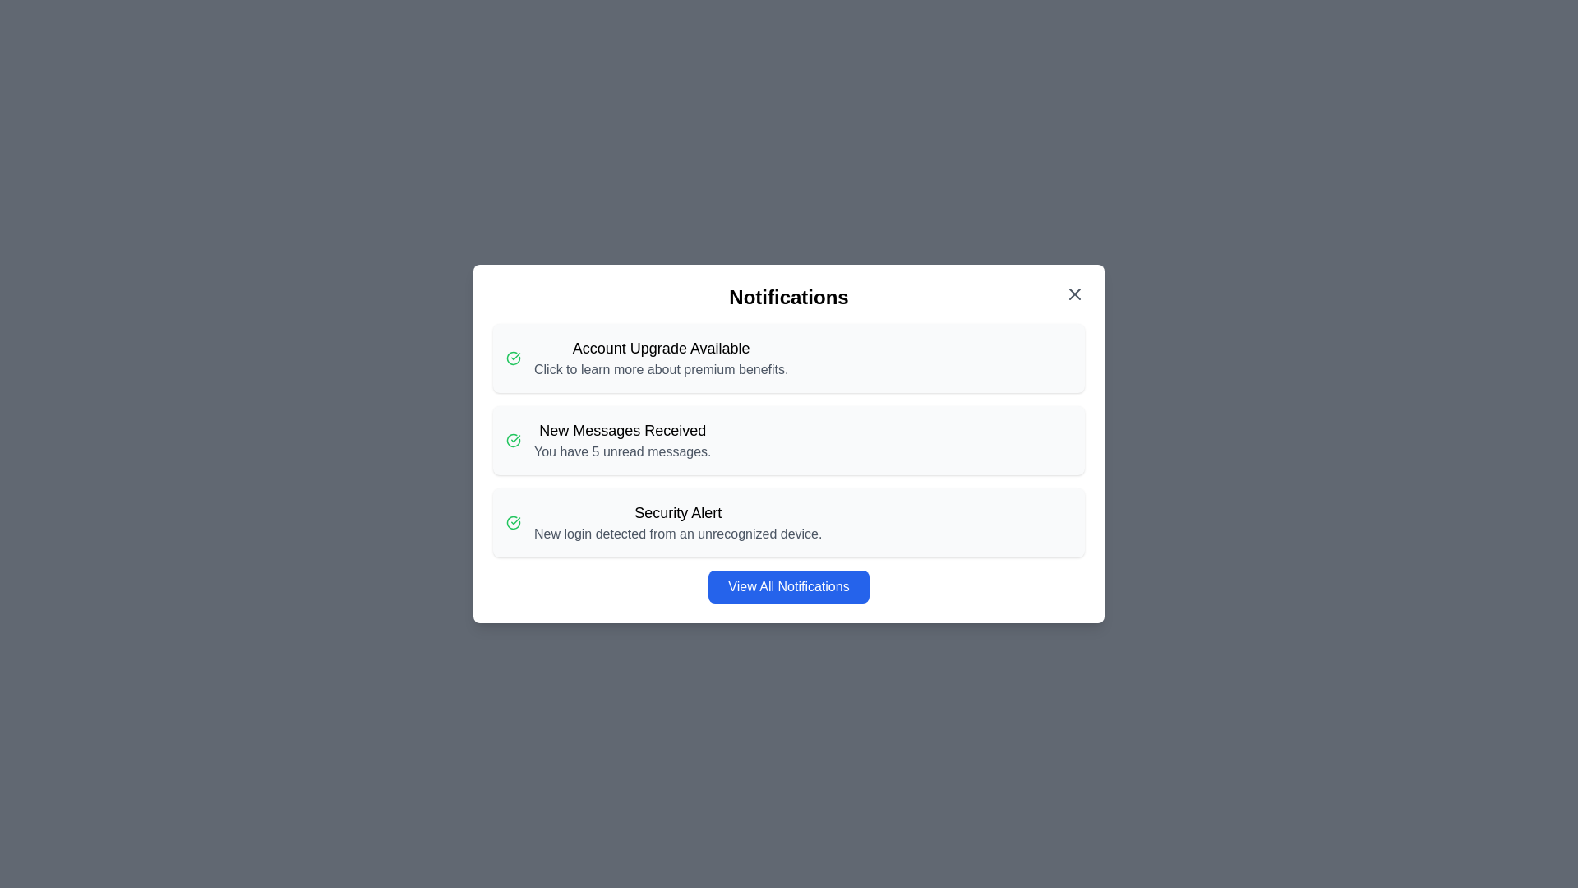  What do you see at coordinates (789, 585) in the screenshot?
I see `the button with a blue background and white rounded corners labeled 'View All Notifications'` at bounding box center [789, 585].